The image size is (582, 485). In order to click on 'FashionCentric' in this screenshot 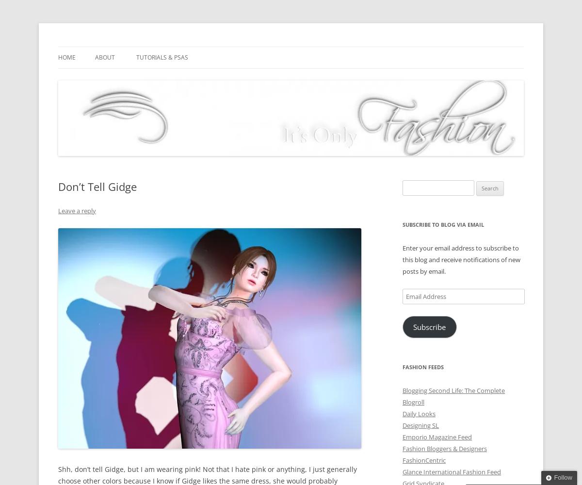, I will do `click(423, 459)`.